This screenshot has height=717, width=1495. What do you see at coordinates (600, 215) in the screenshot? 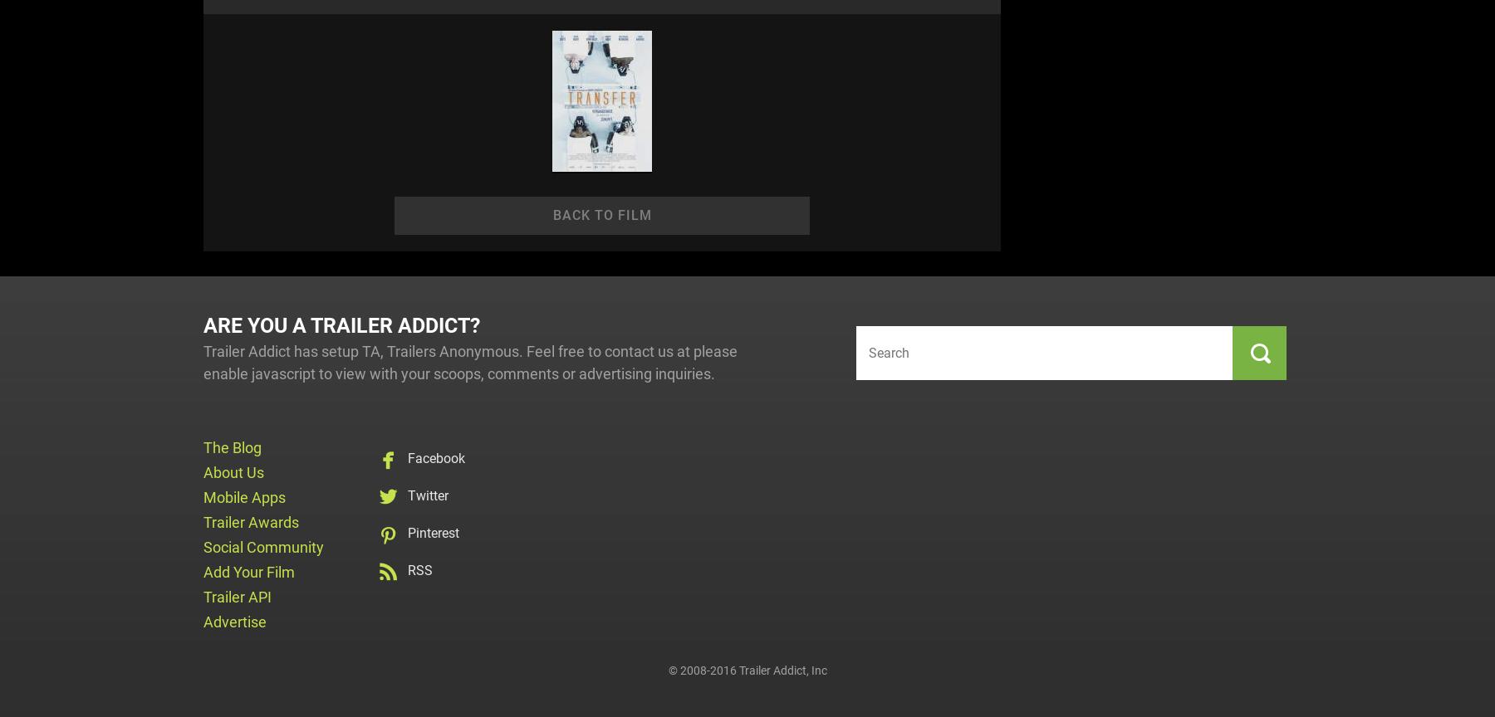
I see `'Back to Film'` at bounding box center [600, 215].